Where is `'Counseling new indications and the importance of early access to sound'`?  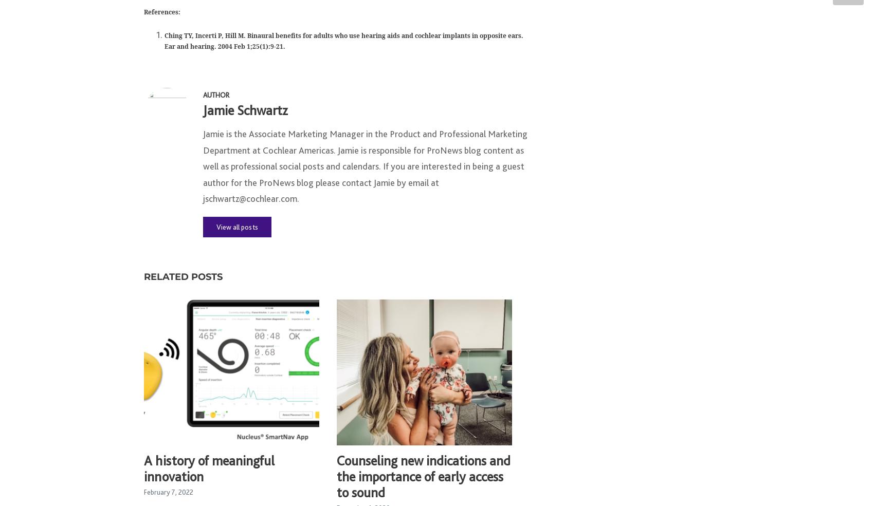 'Counseling new indications and the importance of early access to sound' is located at coordinates (337, 481).